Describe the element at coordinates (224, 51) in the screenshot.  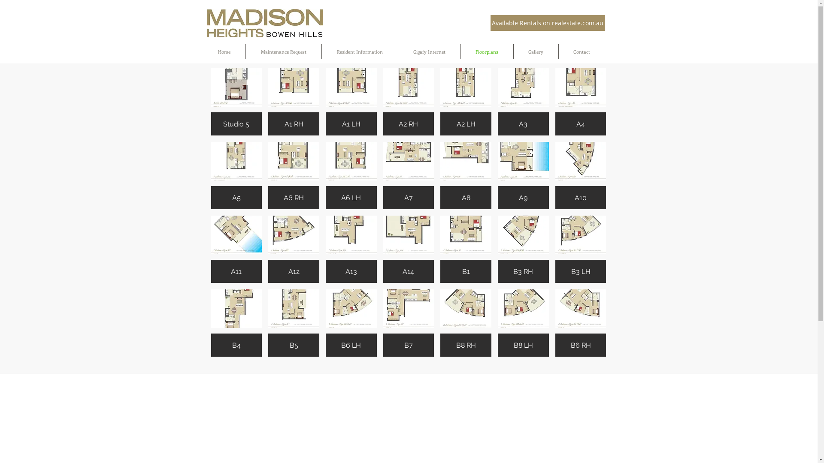
I see `'Home'` at that location.